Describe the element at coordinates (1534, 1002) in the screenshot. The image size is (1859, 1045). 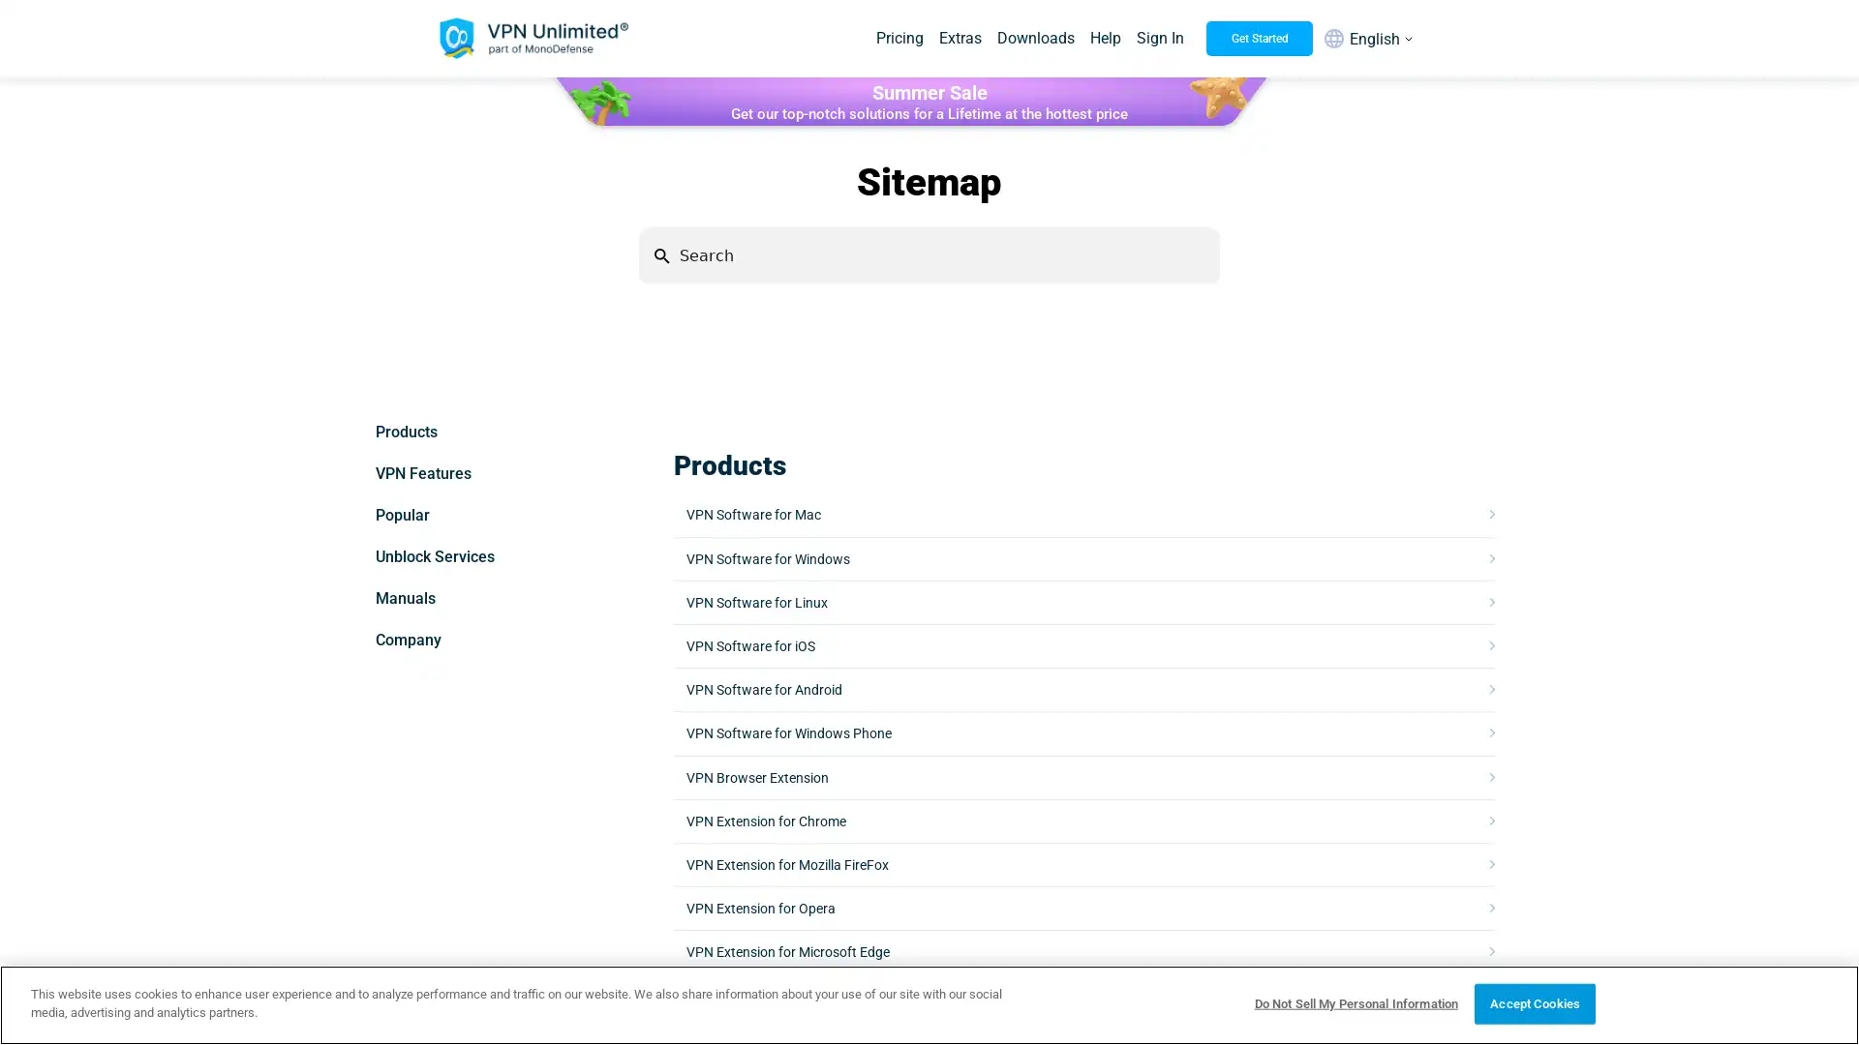
I see `Accept Cookies` at that location.